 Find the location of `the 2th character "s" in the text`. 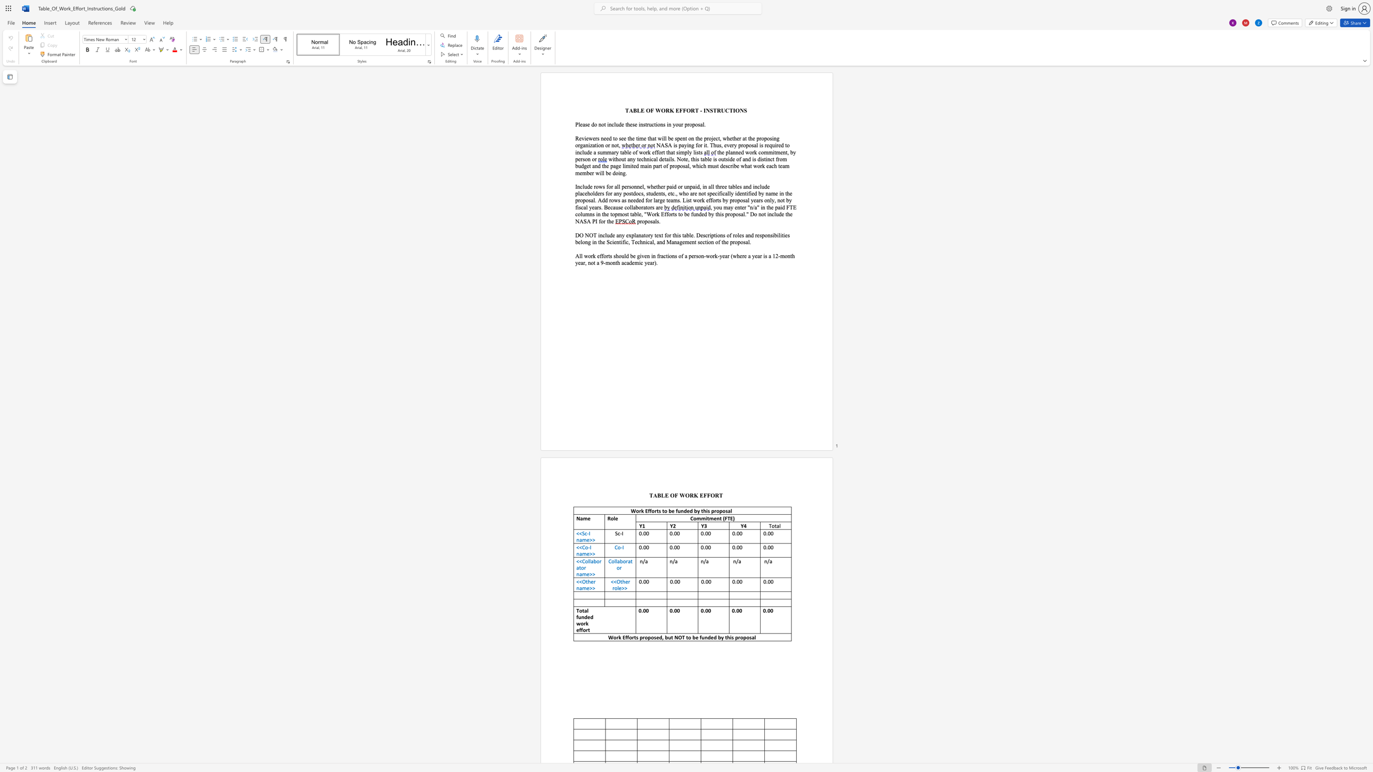

the 2th character "s" in the text is located at coordinates (676, 151).